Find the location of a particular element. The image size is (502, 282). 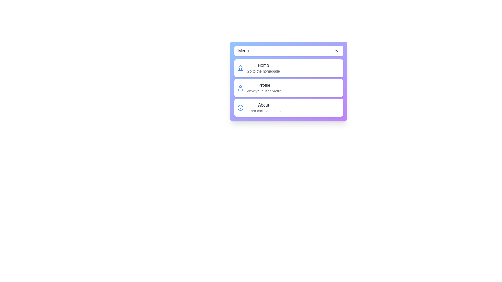

the menu item Profile to observe the hover effect is located at coordinates (288, 87).